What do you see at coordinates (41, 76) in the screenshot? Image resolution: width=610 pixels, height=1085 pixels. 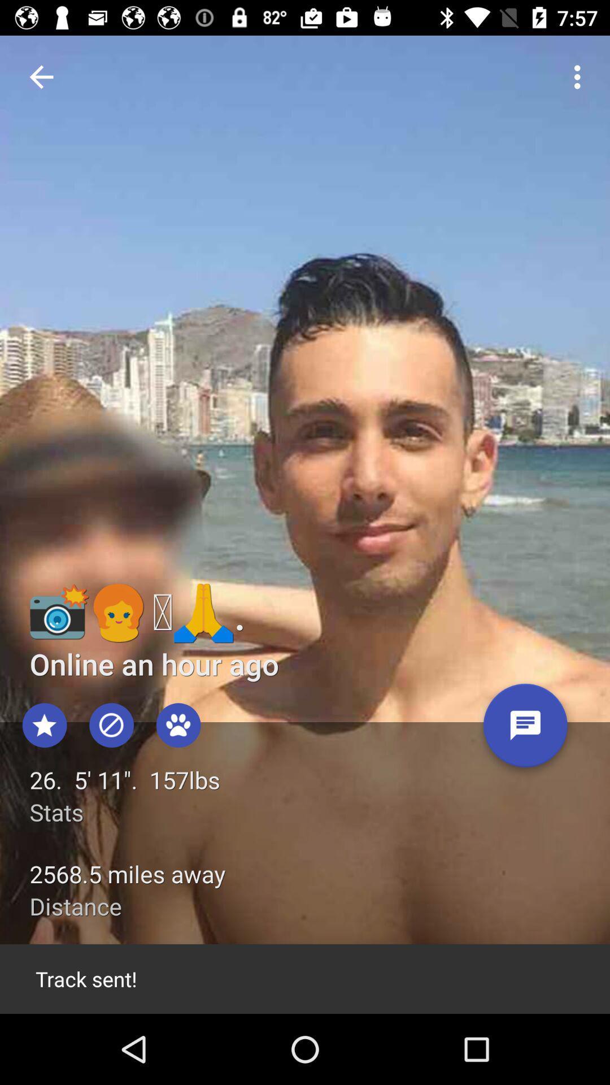 I see `icon at the top left corner` at bounding box center [41, 76].